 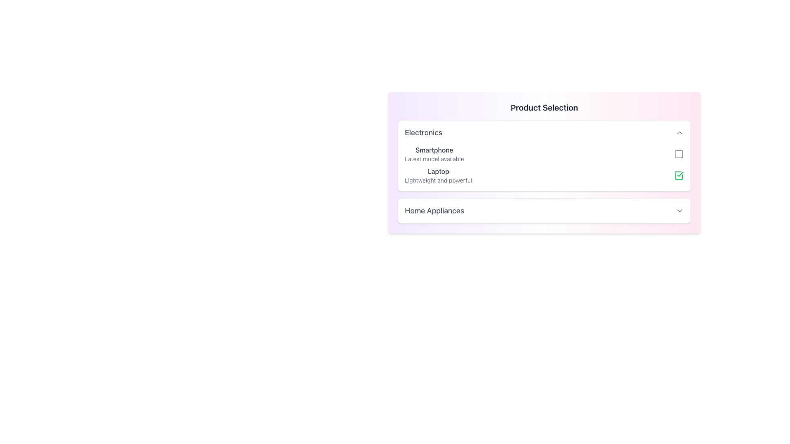 What do you see at coordinates (434, 154) in the screenshot?
I see `the text display element that shows the title and brief description of the 'Smartphone' product, located in the 'Electronics' section of the 'Product Selection' interface, which is the first item listed in this section` at bounding box center [434, 154].